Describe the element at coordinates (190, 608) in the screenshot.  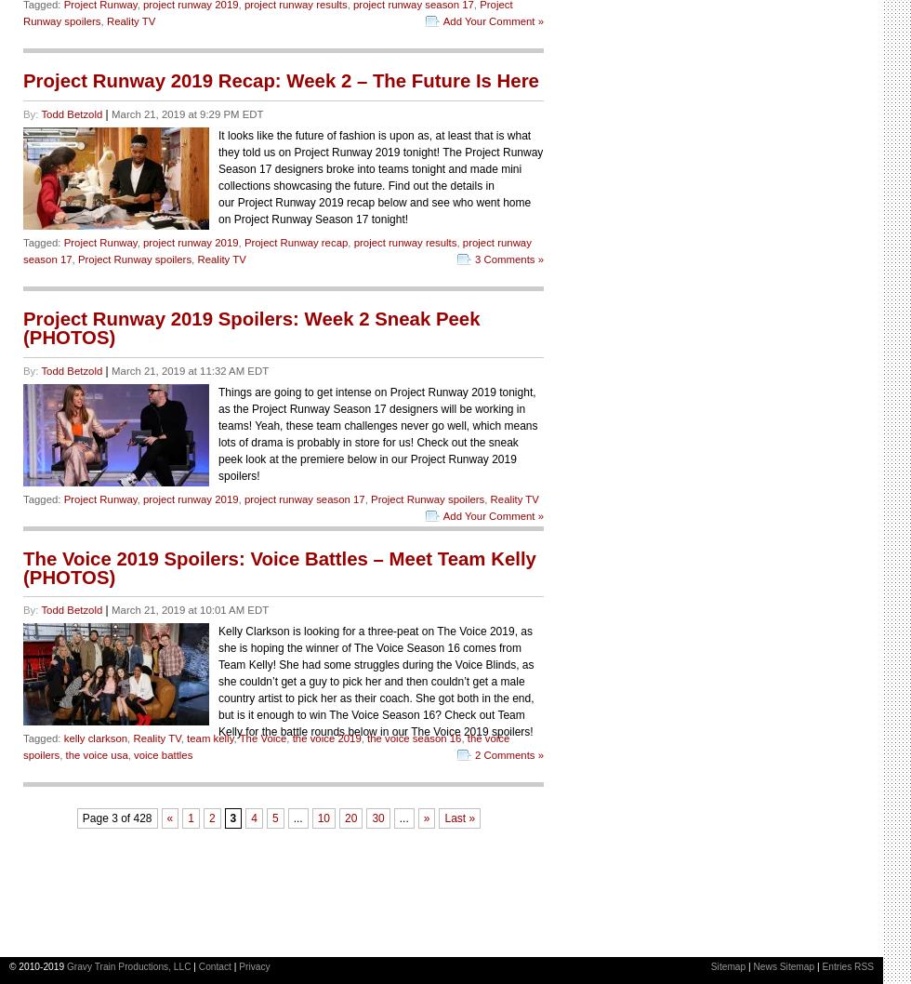
I see `'March 21, 2019 at 10:01 AM EDT'` at that location.